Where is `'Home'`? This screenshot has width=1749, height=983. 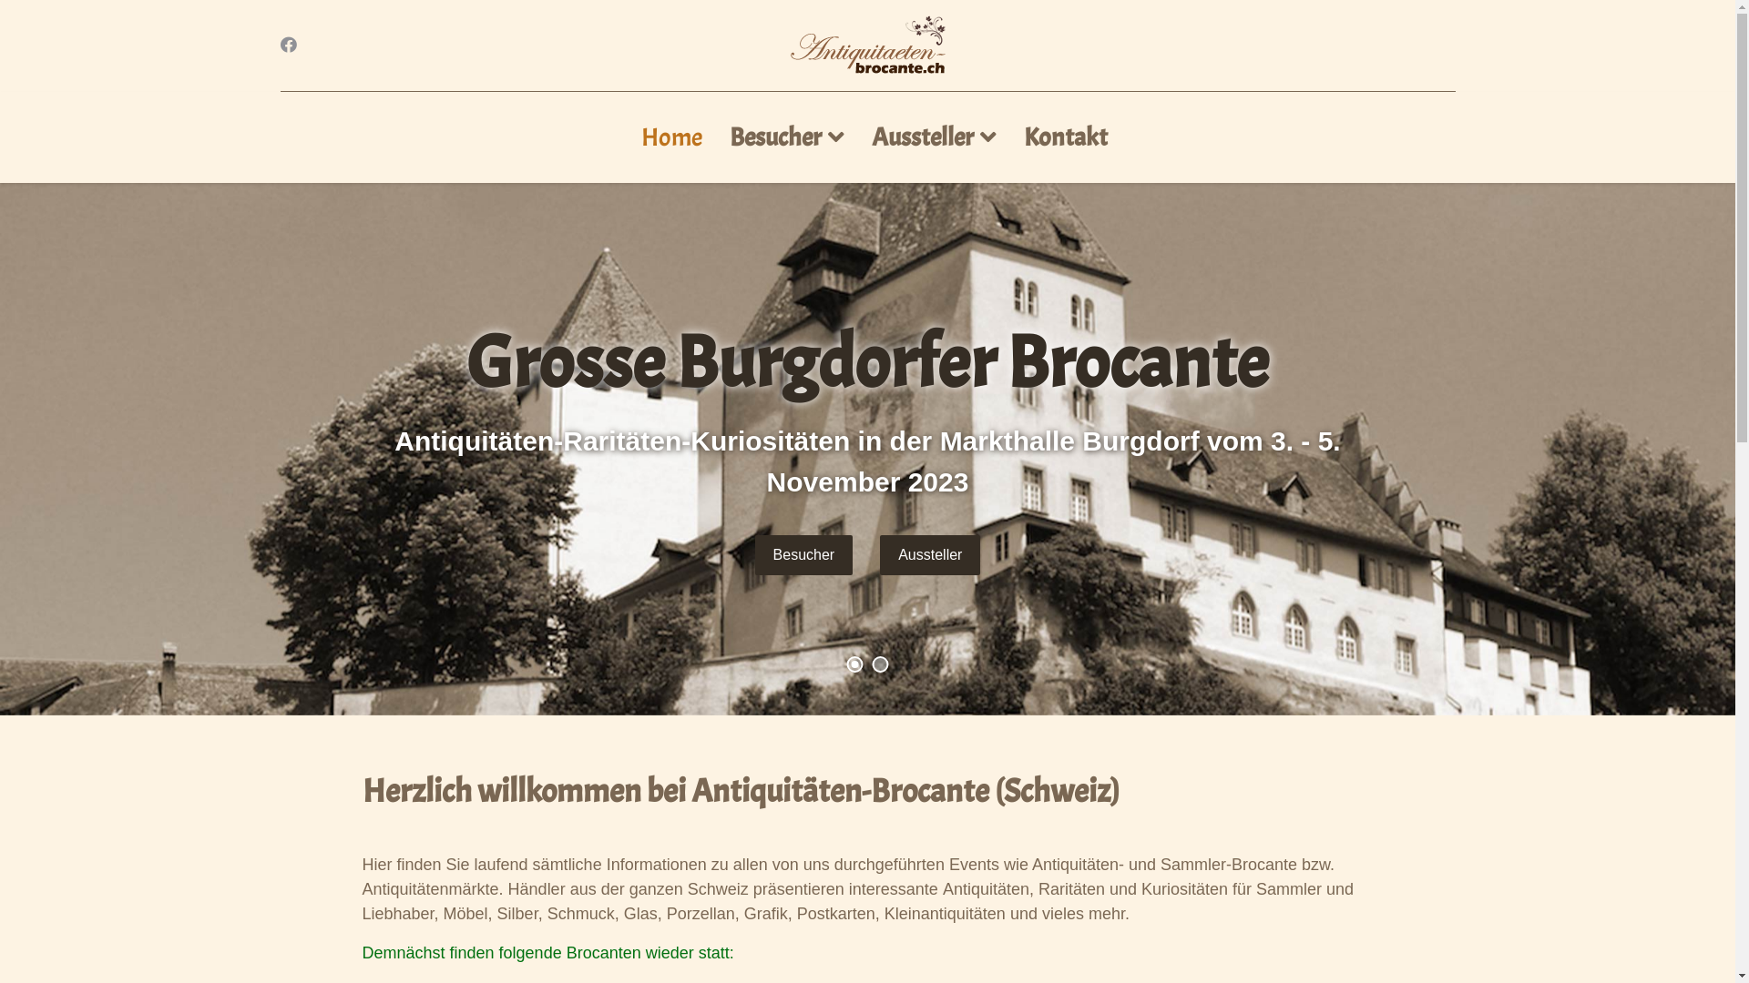 'Home' is located at coordinates (670, 136).